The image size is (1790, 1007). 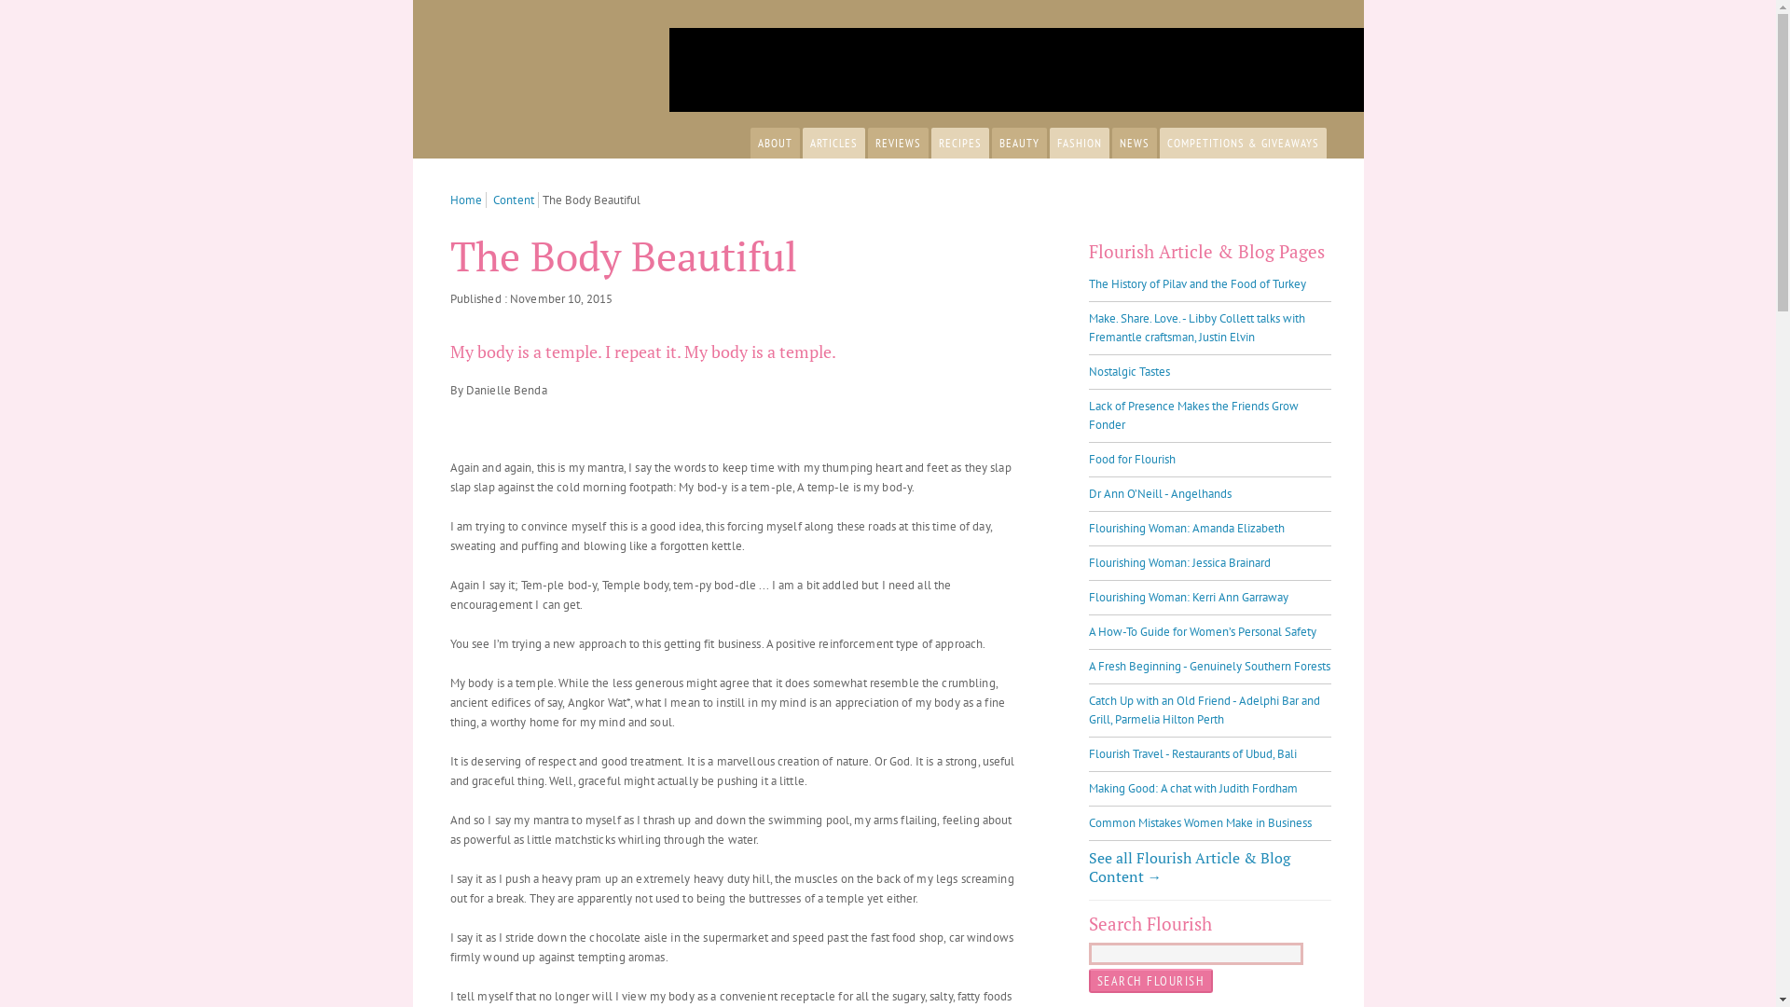 I want to click on 'Common Mistakes Women Make in Business', so click(x=1200, y=821).